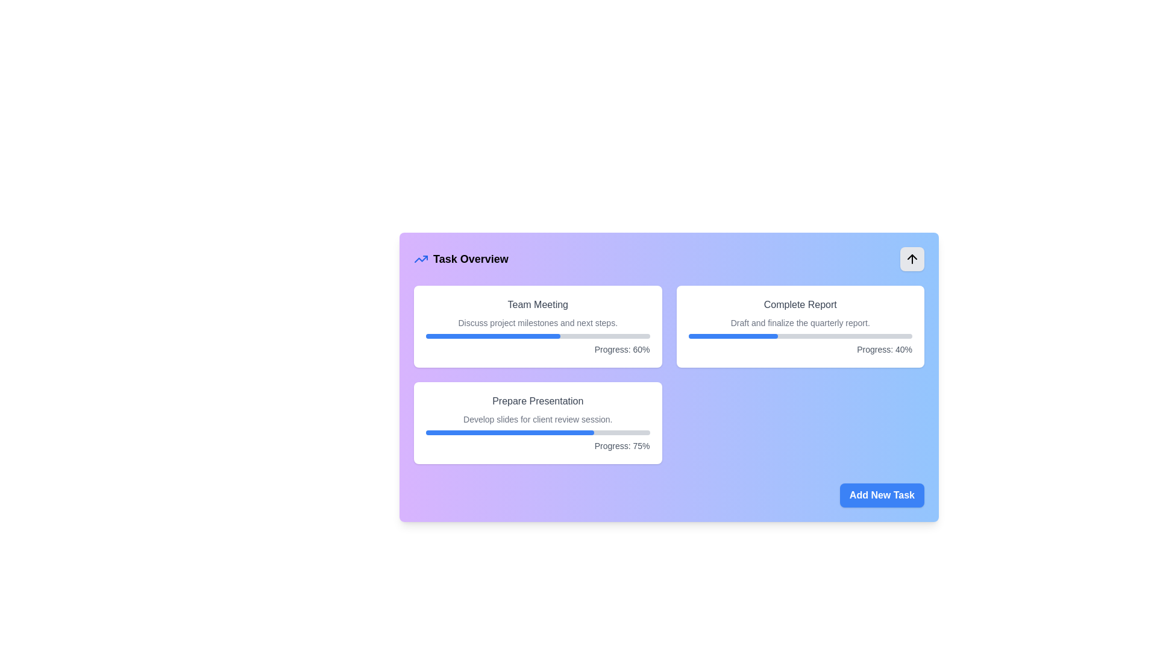  I want to click on the upward trending arrow icon, which is blue and located to the left of the 'Task Overview' text in the header section, so click(421, 258).